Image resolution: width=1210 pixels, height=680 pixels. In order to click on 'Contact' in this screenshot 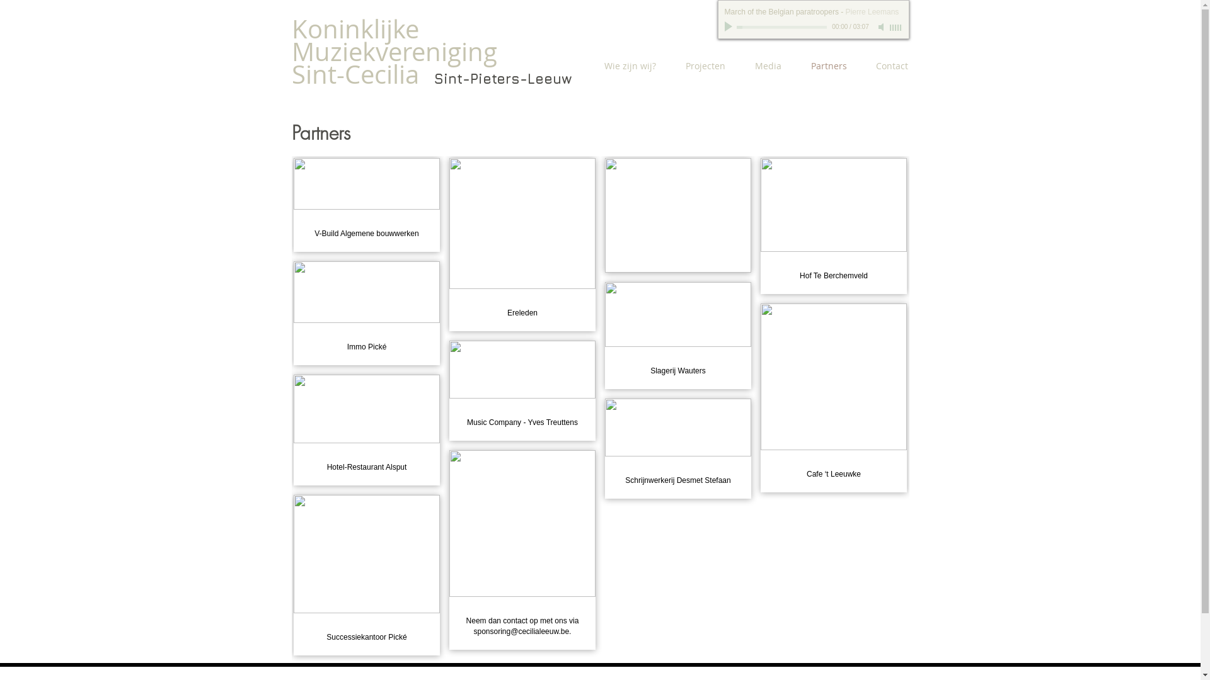, I will do `click(856, 65)`.